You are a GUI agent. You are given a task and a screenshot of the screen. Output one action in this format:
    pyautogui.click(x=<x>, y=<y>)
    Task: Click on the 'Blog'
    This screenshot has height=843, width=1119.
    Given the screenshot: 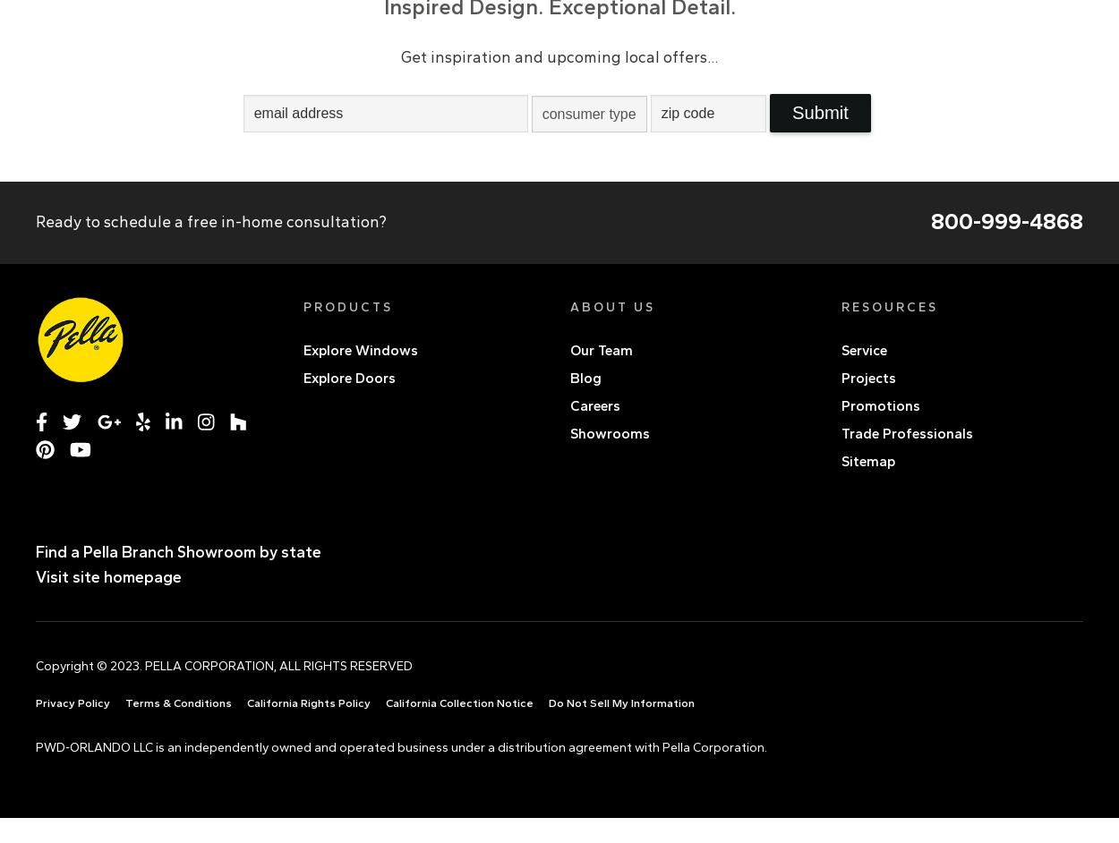 What is the action you would take?
    pyautogui.click(x=585, y=377)
    